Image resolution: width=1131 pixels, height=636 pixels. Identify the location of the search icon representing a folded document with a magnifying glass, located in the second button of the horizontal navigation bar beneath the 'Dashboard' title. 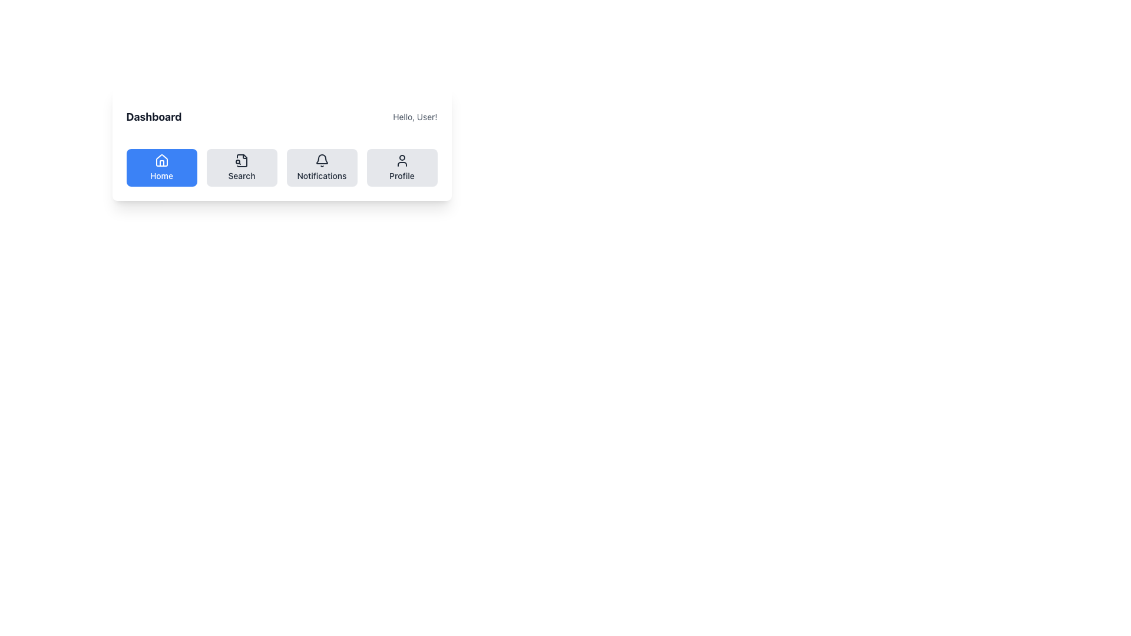
(241, 161).